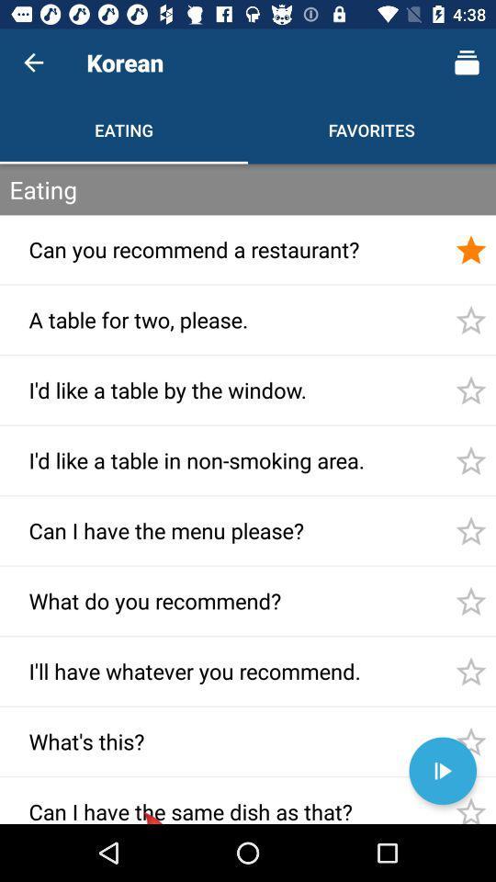 This screenshot has height=882, width=496. Describe the element at coordinates (442, 771) in the screenshot. I see `the skip_next icon` at that location.